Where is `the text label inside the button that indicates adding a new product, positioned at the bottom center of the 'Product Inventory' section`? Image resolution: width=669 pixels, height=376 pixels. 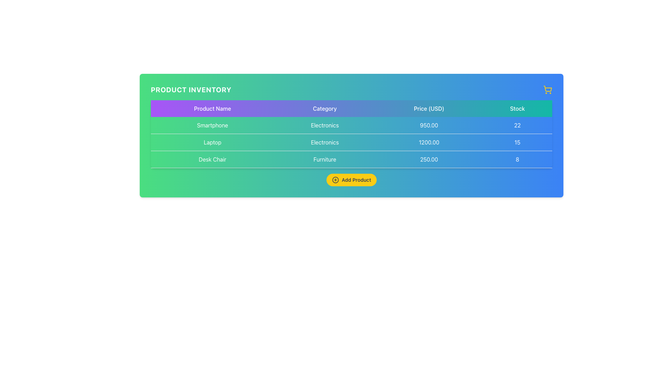
the text label inside the button that indicates adding a new product, positioned at the bottom center of the 'Product Inventory' section is located at coordinates (356, 179).